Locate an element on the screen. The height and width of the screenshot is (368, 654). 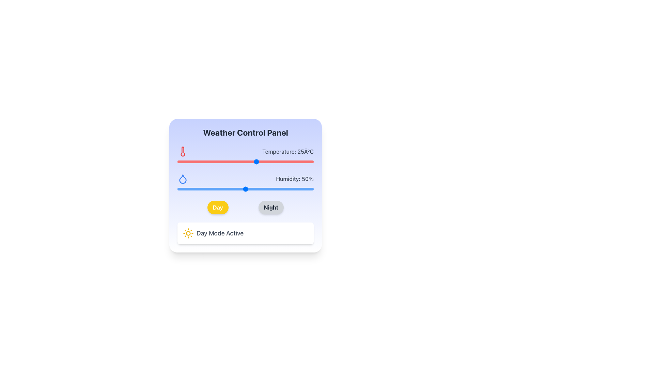
humidity level is located at coordinates (289, 189).